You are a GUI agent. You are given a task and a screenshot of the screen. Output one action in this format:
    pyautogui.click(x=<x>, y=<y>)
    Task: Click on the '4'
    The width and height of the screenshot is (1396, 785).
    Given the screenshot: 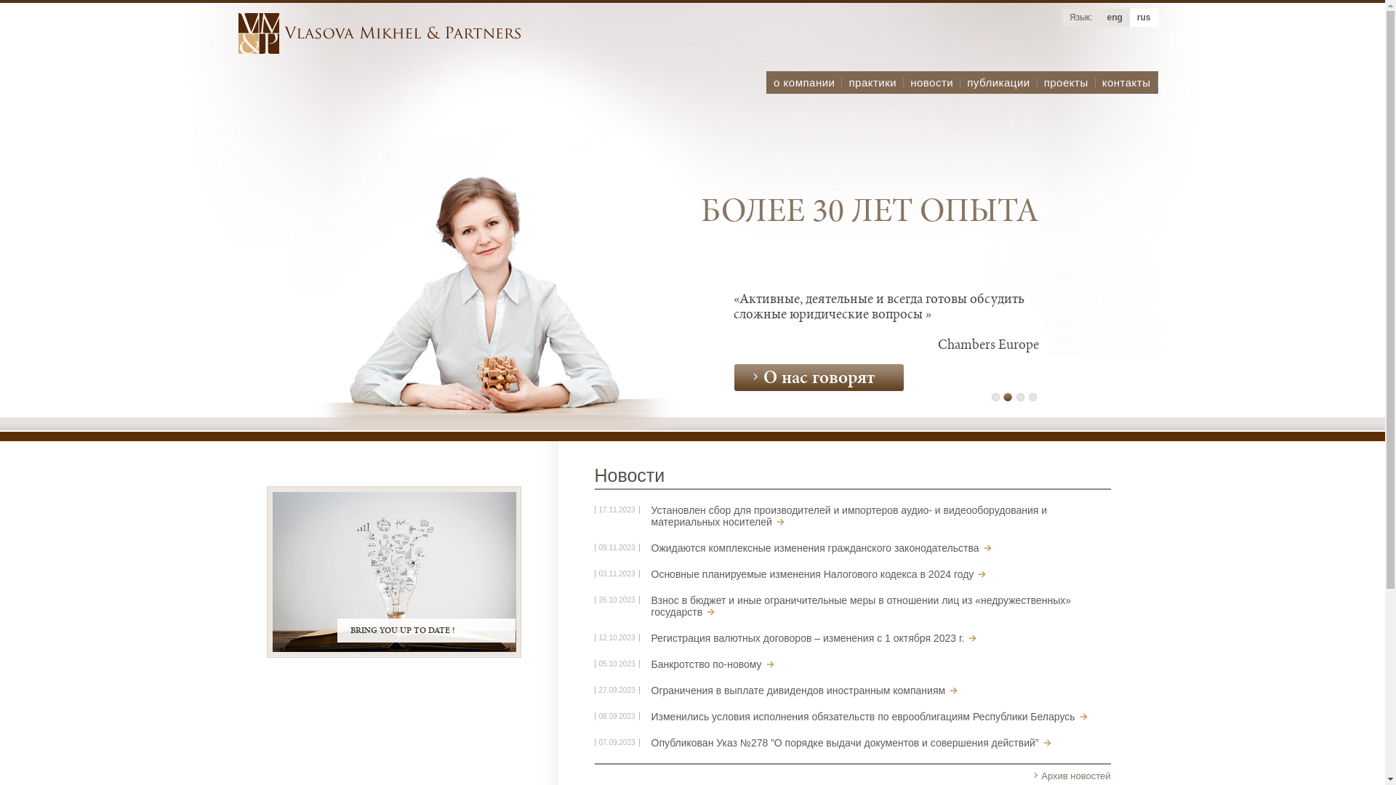 What is the action you would take?
    pyautogui.click(x=1032, y=397)
    